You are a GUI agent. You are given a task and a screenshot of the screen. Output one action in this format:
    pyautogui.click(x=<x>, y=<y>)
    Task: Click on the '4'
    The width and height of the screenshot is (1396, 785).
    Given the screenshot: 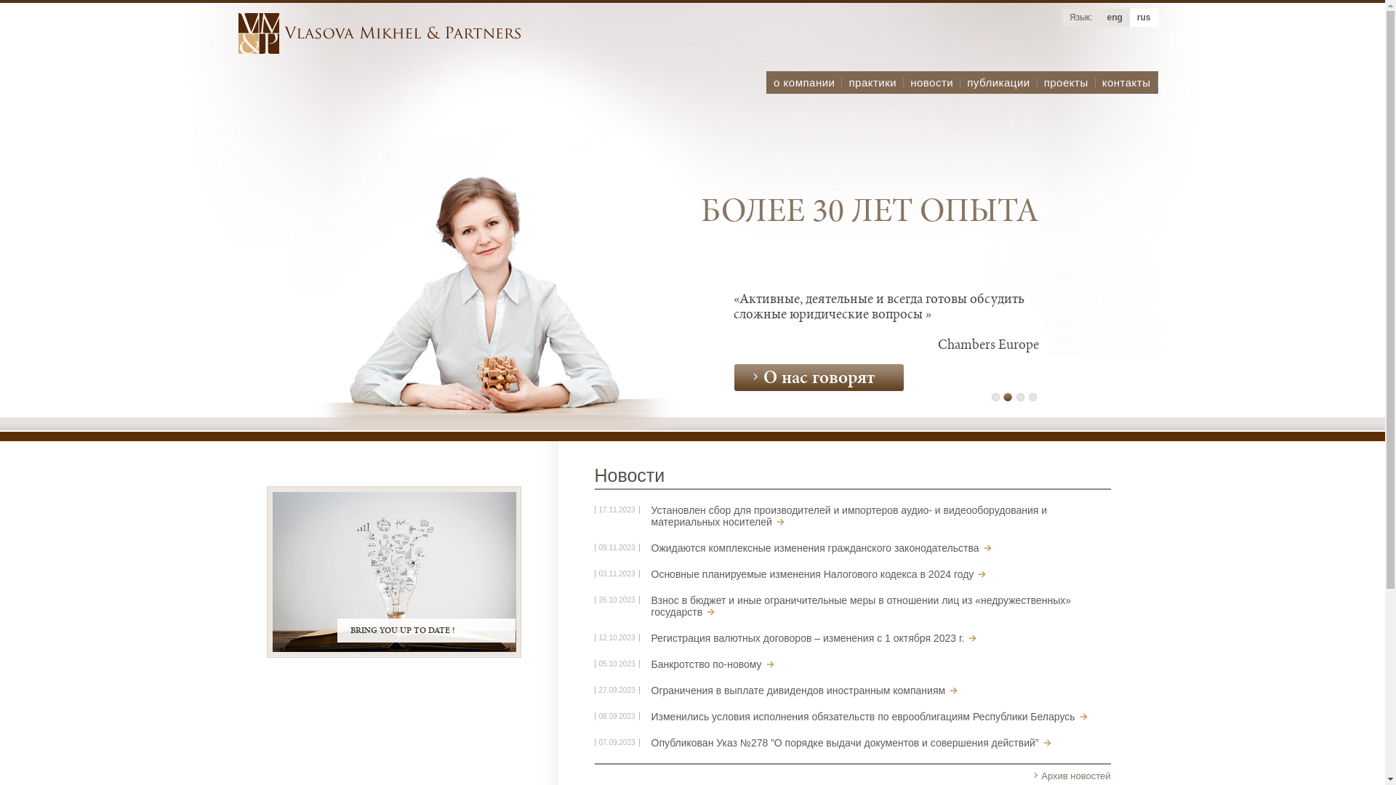 What is the action you would take?
    pyautogui.click(x=1032, y=397)
    